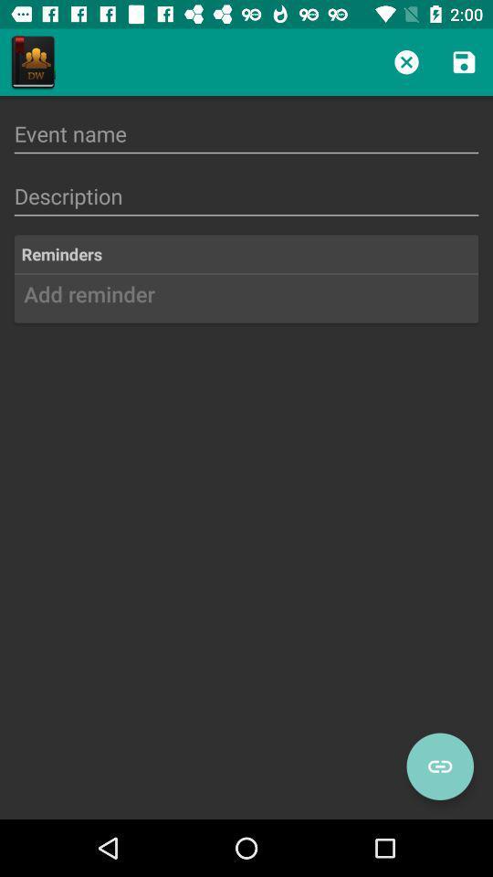 This screenshot has width=493, height=877. What do you see at coordinates (439, 766) in the screenshot?
I see `link toggle` at bounding box center [439, 766].